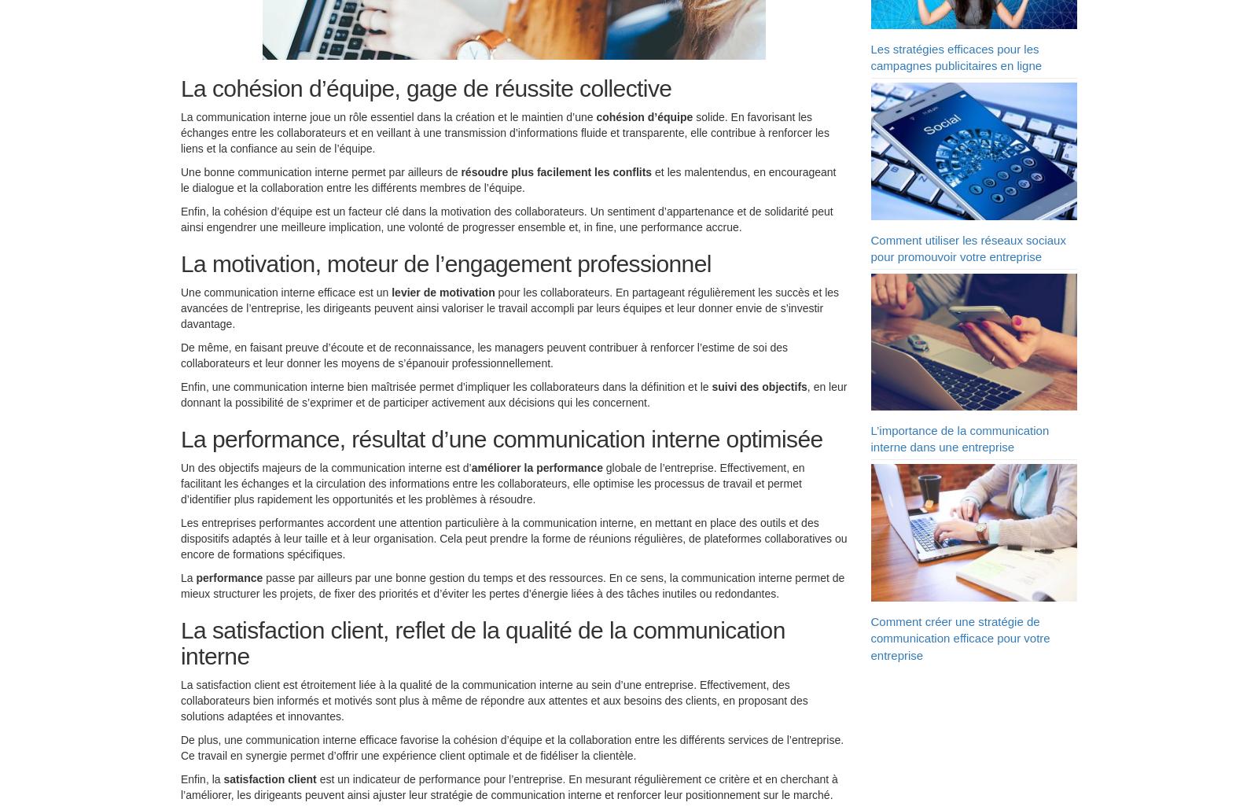 The image size is (1258, 810). I want to click on 'Enfin, la cohésion d’équipe est un facteur clé dans la motivation des collaborateurs. Un sentiment d’appartenance et de solidarité peut ainsi engendrer une meilleure implication, une volonté de progresser ensemble et, in fine, une performance accrue.', so click(506, 222).